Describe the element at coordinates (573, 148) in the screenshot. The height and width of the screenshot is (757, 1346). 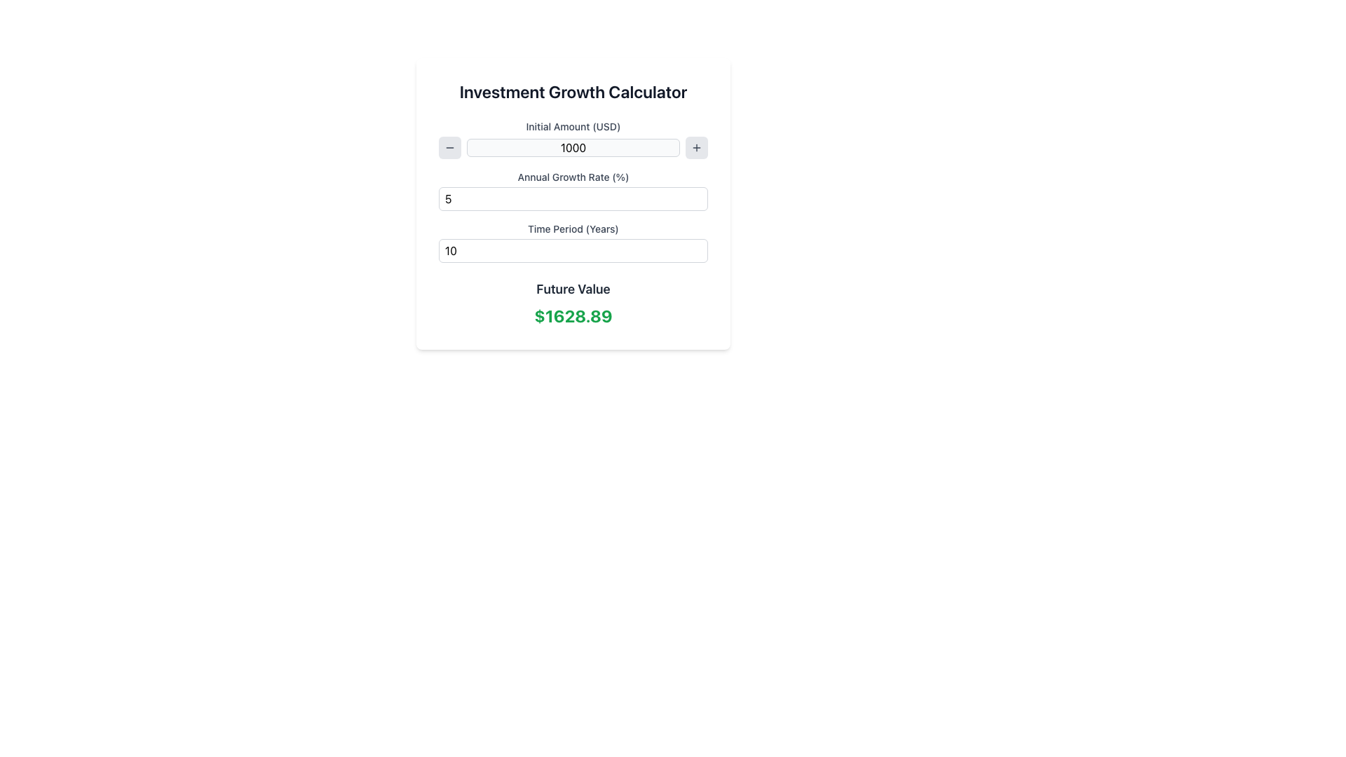
I see `on the text input field with a light gray background that contains the text '1000'` at that location.